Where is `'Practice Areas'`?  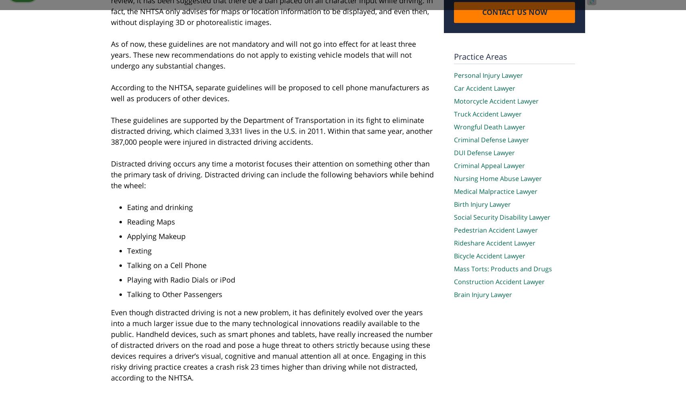
'Practice Areas' is located at coordinates (480, 56).